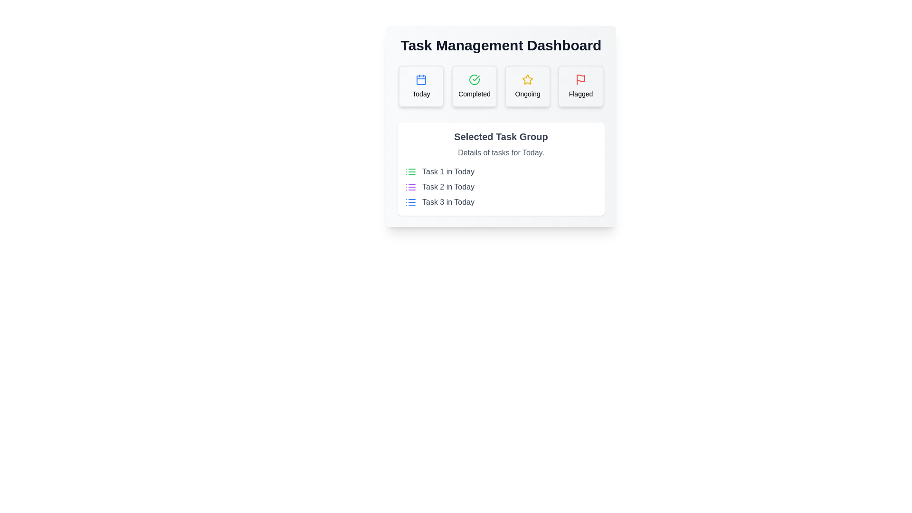 The width and height of the screenshot is (912, 513). I want to click on the flag icon in the 'Flagged' option, which is the fourth button in the row of action buttons at the top of the interface, used to represent flagged tasks, so click(580, 78).